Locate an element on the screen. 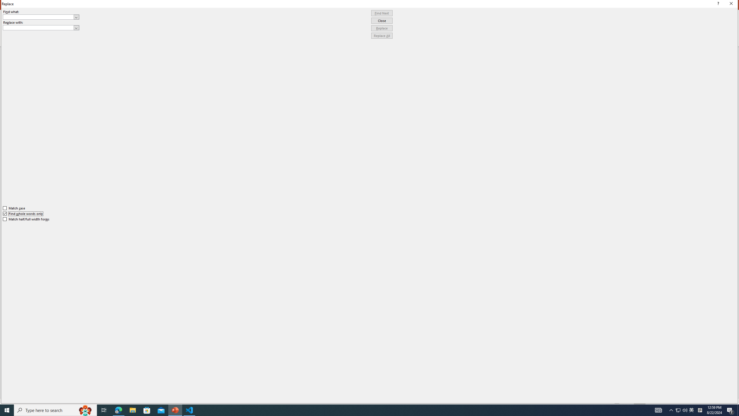  'Replace All' is located at coordinates (382, 35).